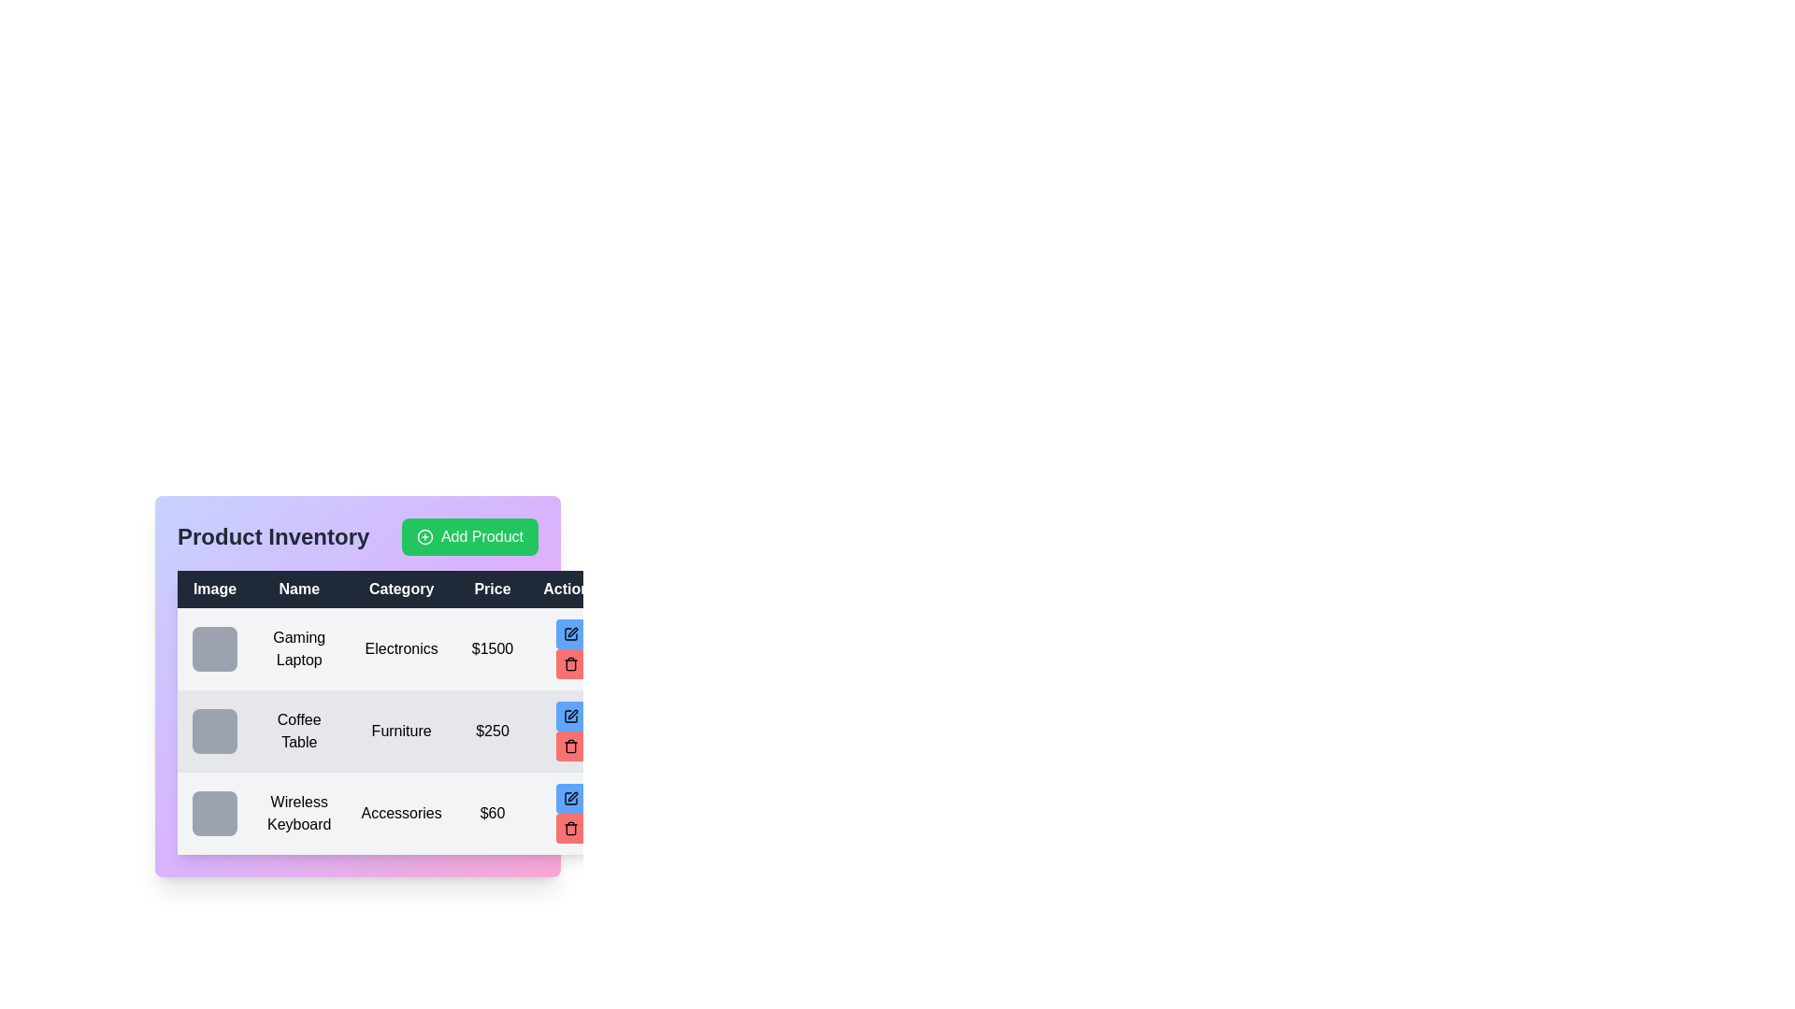 This screenshot has width=1795, height=1009. What do you see at coordinates (569, 799) in the screenshot?
I see `the edit icon button, which is a pen icon within a square, located in the first position of the 'Actions' column in the third row of the table` at bounding box center [569, 799].